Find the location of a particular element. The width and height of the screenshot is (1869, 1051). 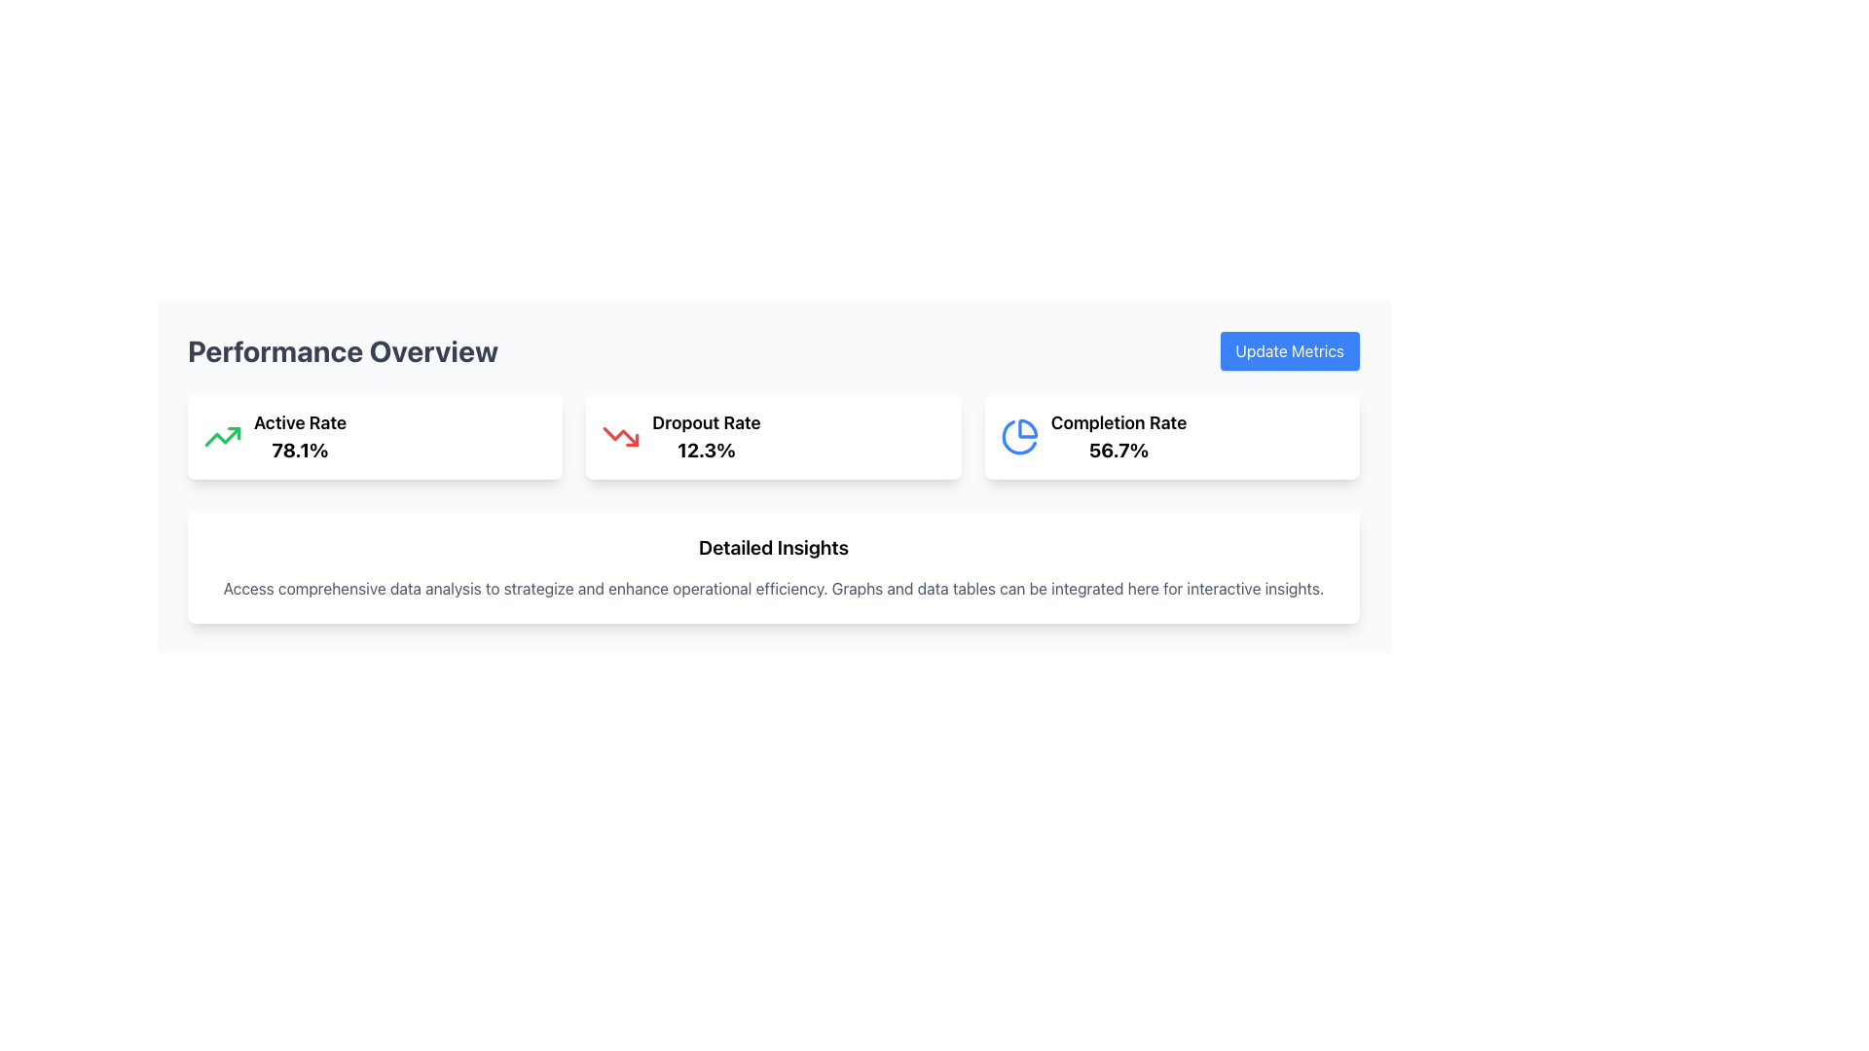

the Information Display Card that contains a green trending-up icon and displays 'Active Rate' and '78.1%' in bold text, located in the leftmost position of the Performance Overview section is located at coordinates (274, 435).